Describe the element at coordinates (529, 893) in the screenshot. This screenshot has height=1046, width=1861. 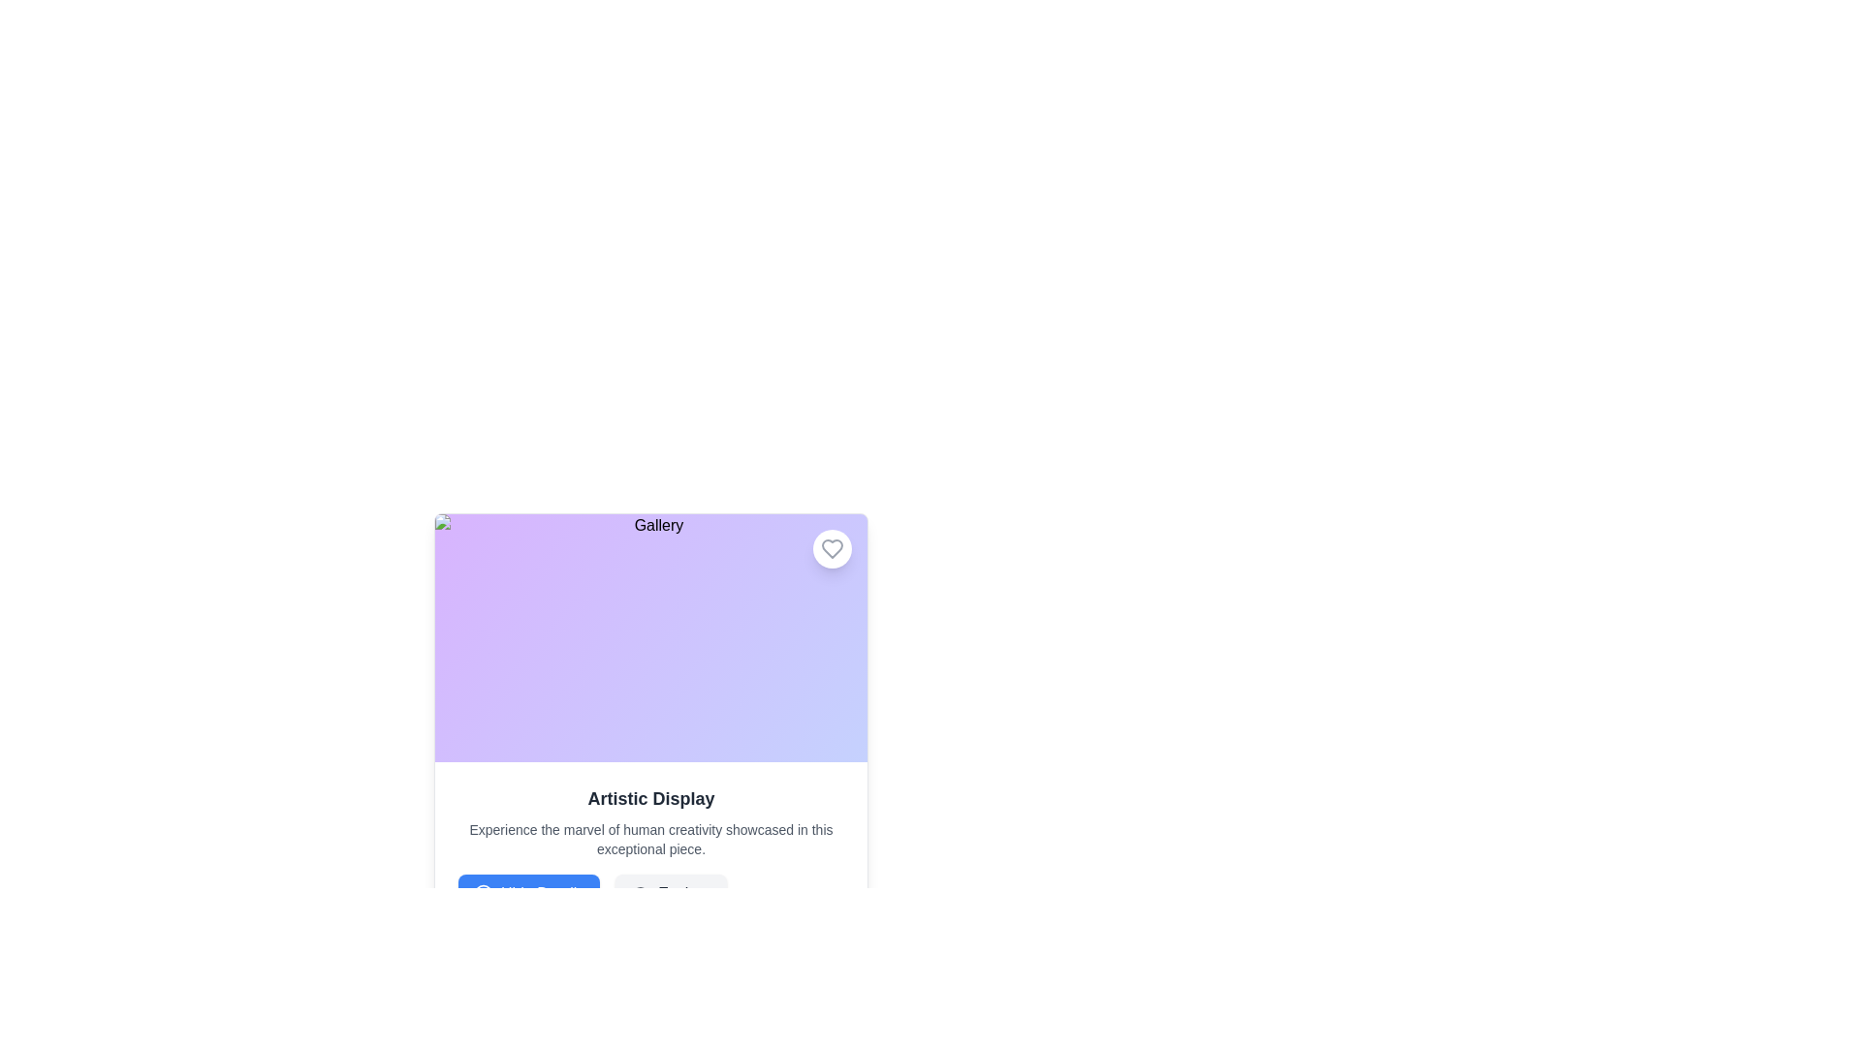
I see `the 'Hide Details' button with a blue background and white text located in the lower central part of the card` at that location.